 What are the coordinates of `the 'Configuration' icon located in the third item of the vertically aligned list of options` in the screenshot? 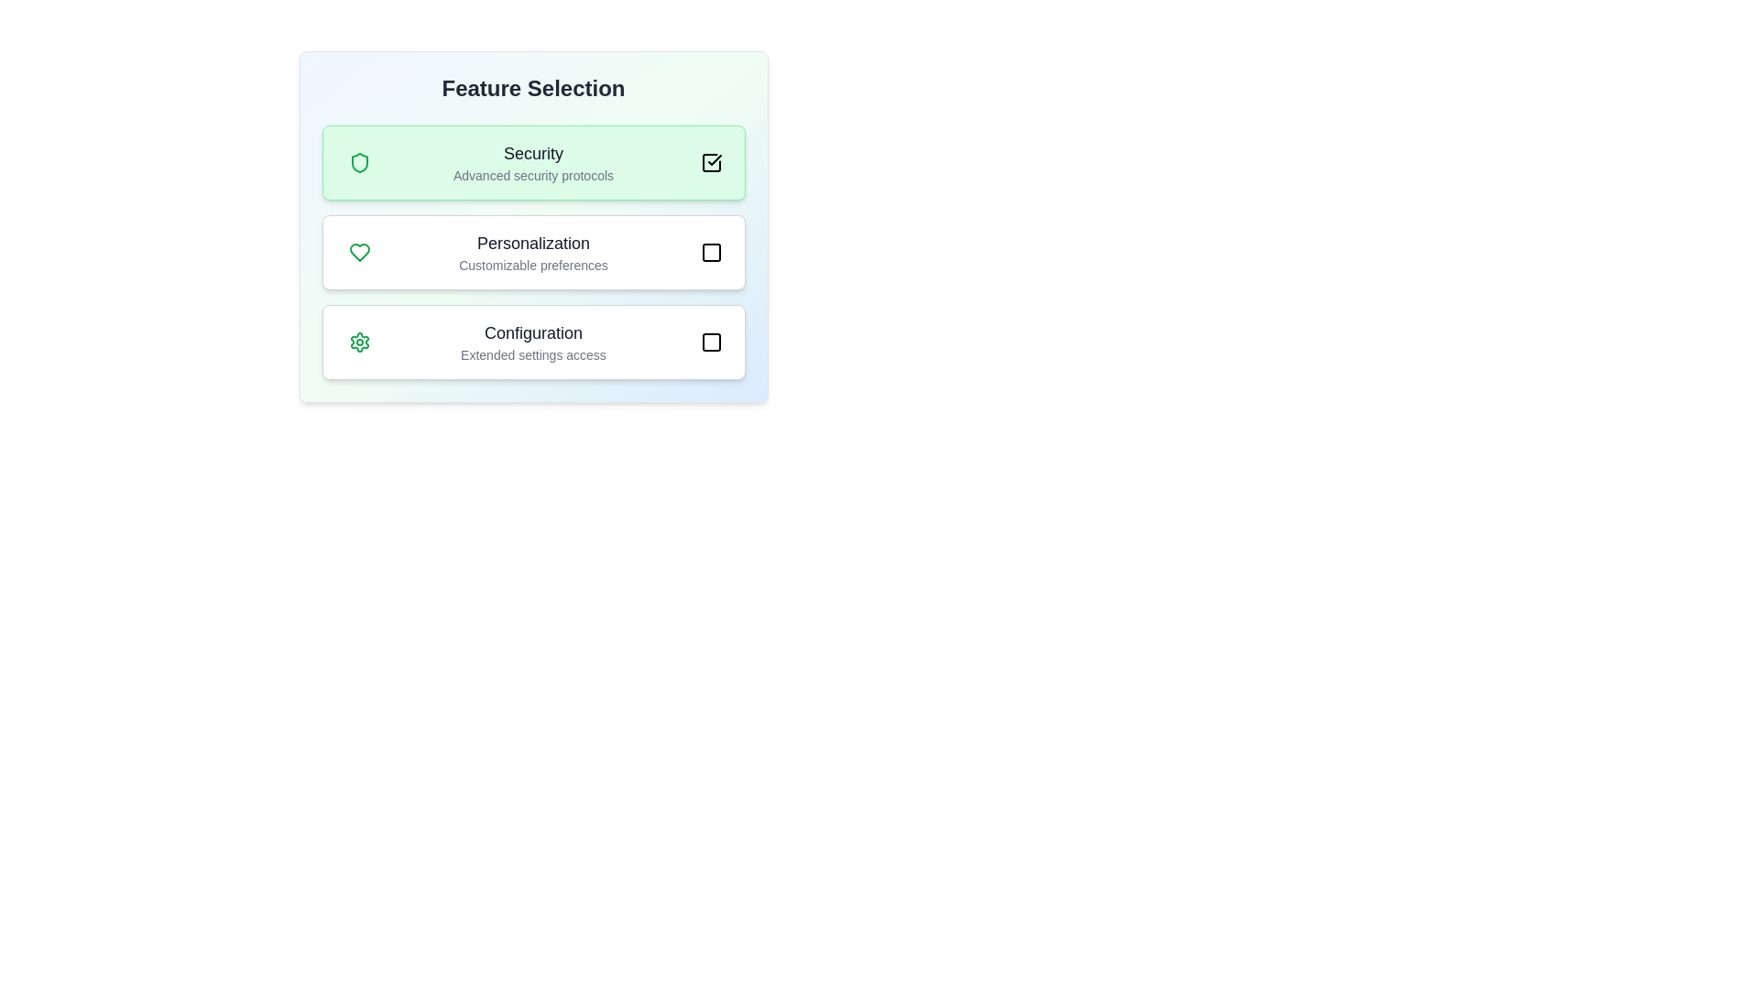 It's located at (359, 342).